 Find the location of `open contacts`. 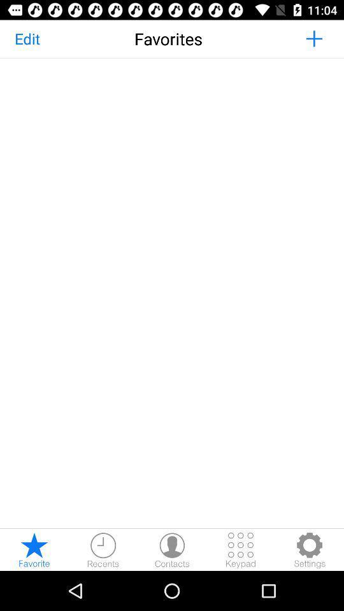

open contacts is located at coordinates (172, 549).